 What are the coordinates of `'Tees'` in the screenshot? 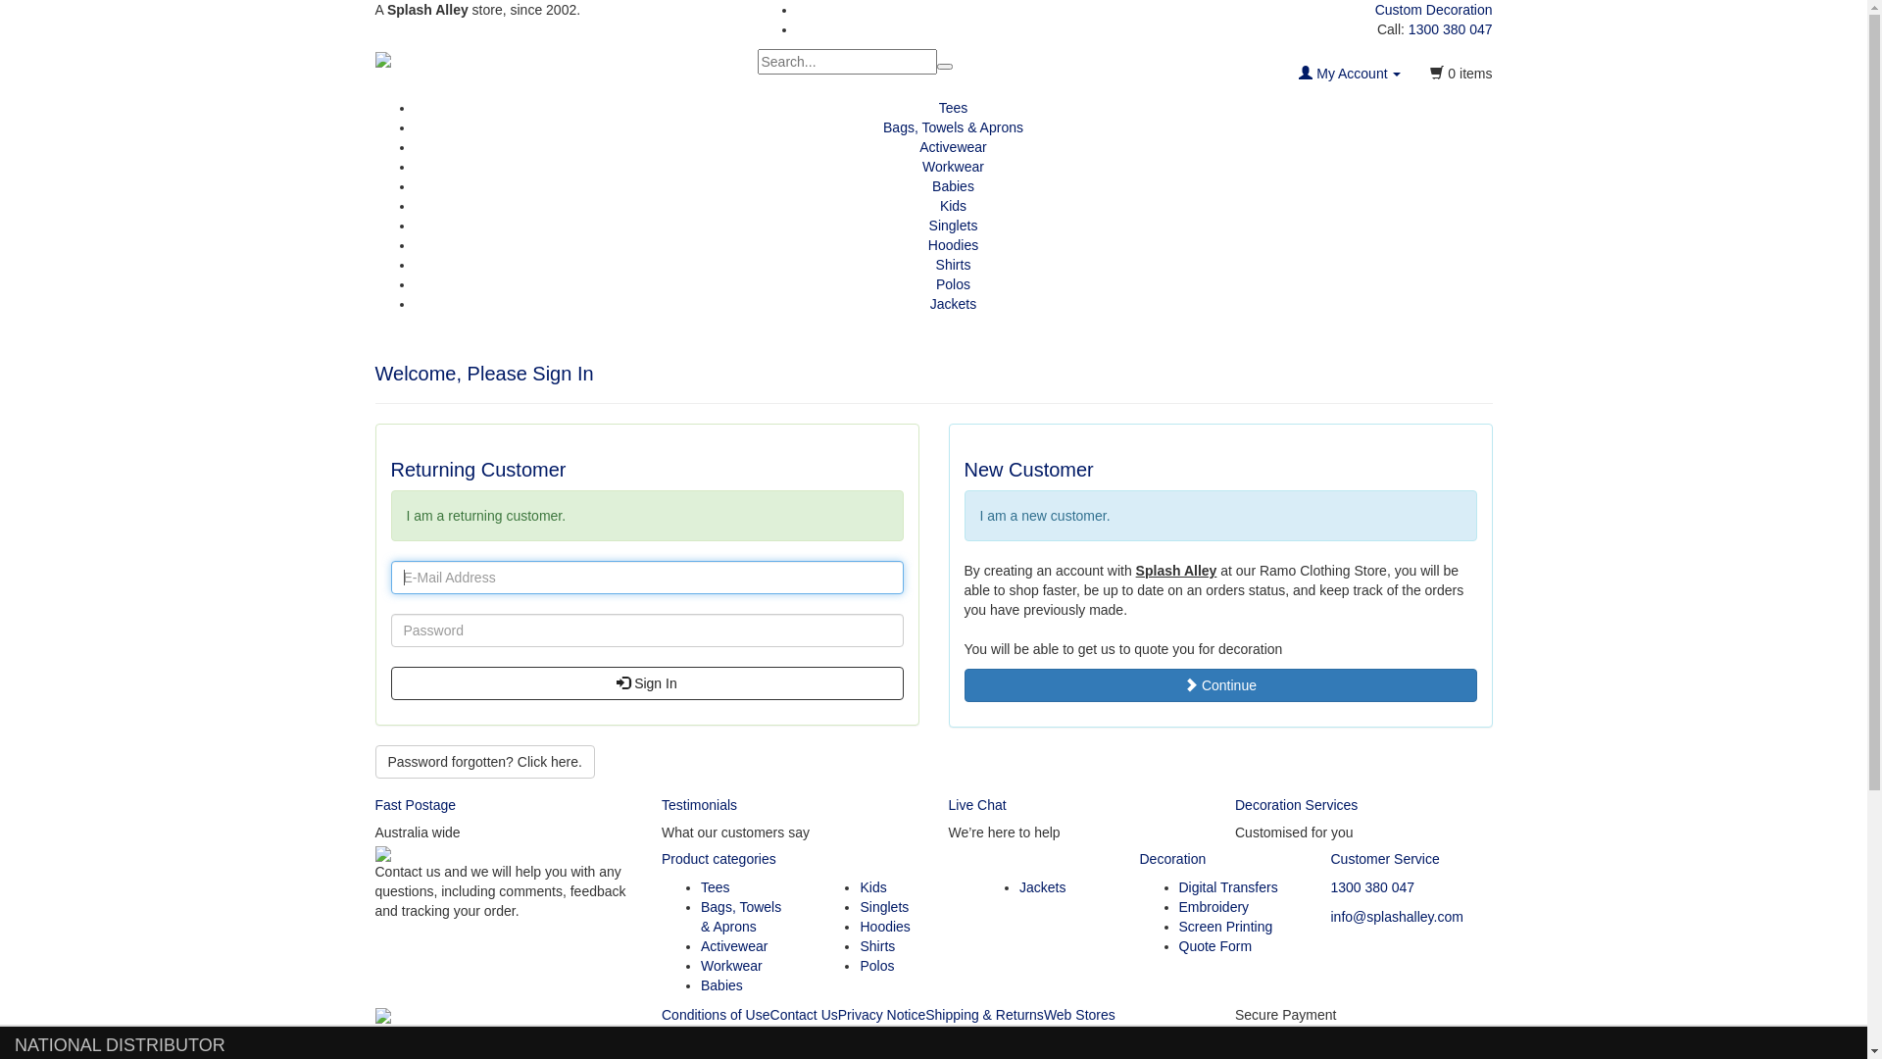 It's located at (714, 887).